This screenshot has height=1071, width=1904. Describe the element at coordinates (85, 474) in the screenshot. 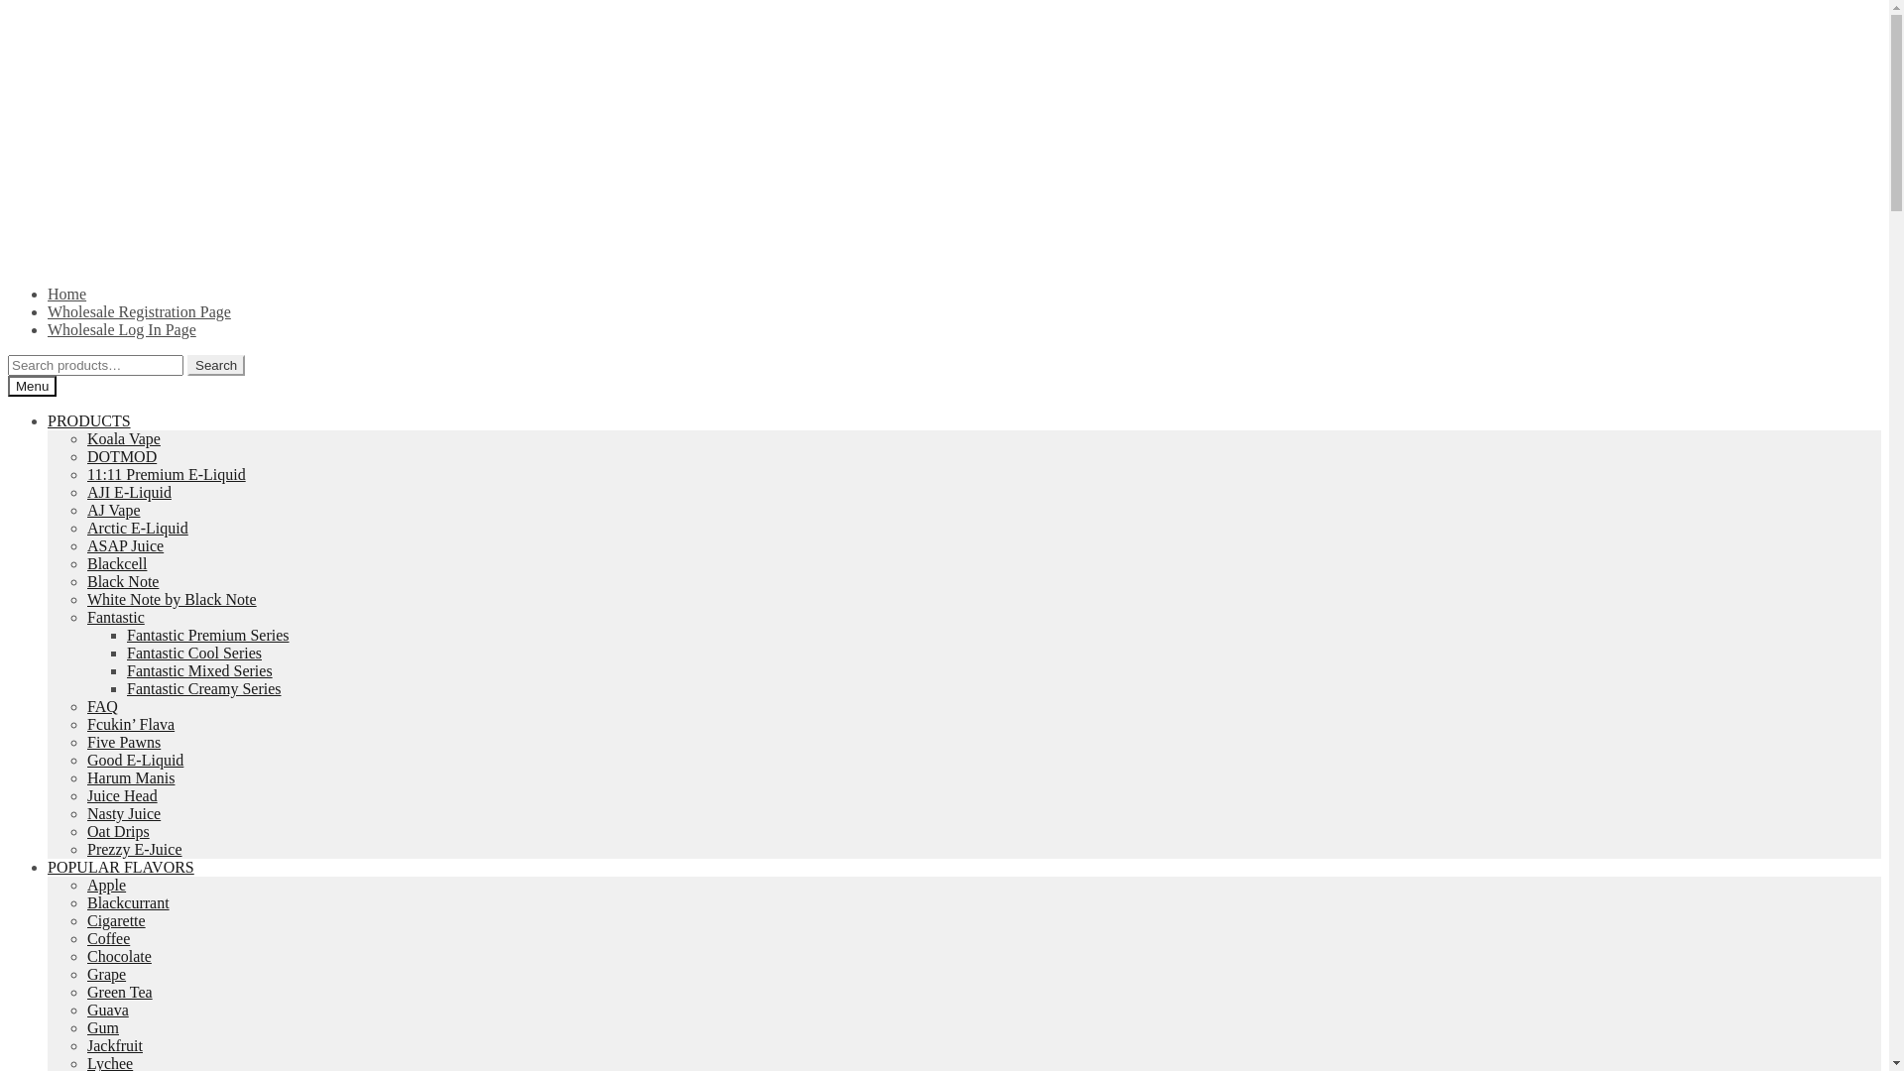

I see `'11:11 Premium E-Liquid'` at that location.